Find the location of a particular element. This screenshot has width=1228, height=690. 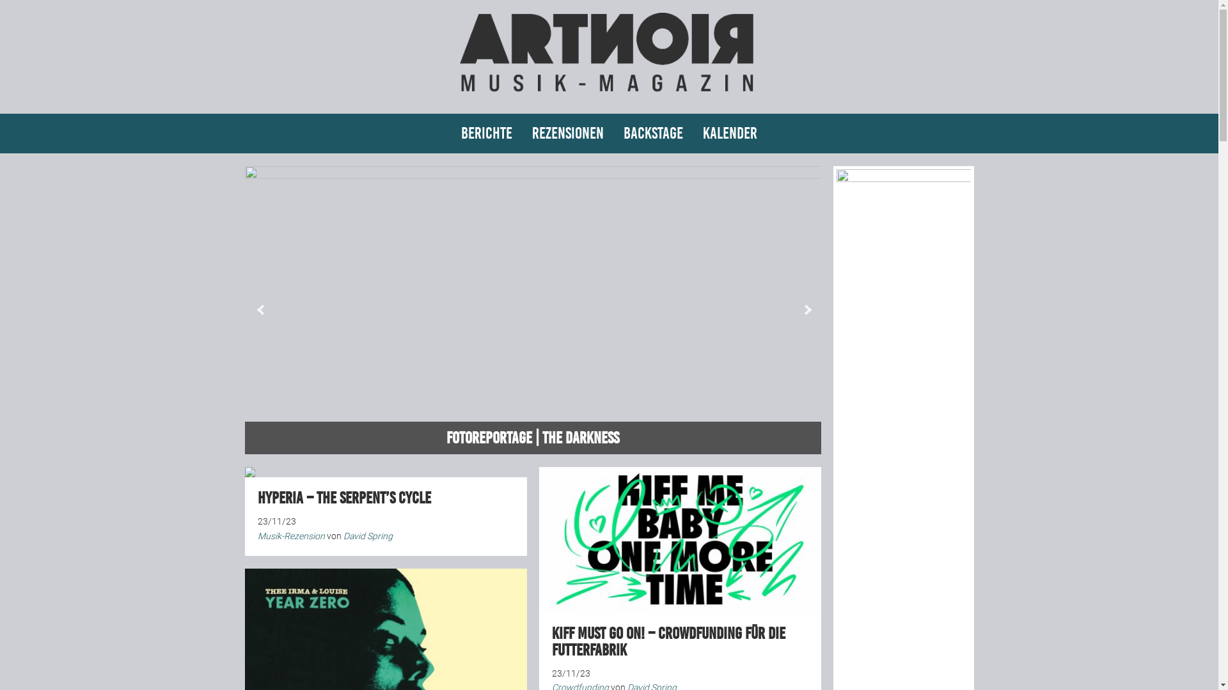

'Backstage' is located at coordinates (614, 133).